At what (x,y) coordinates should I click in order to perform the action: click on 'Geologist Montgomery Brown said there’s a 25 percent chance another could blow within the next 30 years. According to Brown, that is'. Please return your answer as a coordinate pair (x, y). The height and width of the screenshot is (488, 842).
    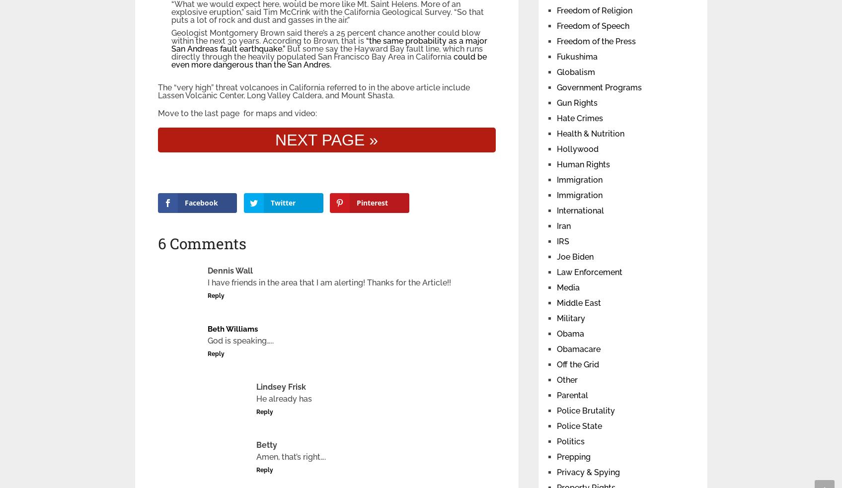
    Looking at the image, I should click on (325, 36).